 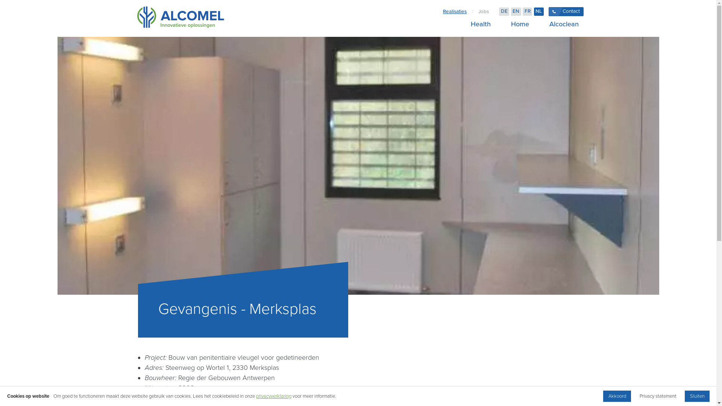 What do you see at coordinates (273, 395) in the screenshot?
I see `'privacyverklaring'` at bounding box center [273, 395].